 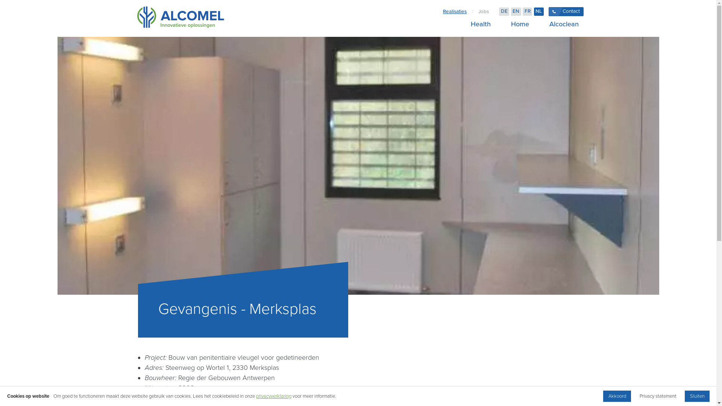 What do you see at coordinates (273, 395) in the screenshot?
I see `'privacyverklaring'` at bounding box center [273, 395].